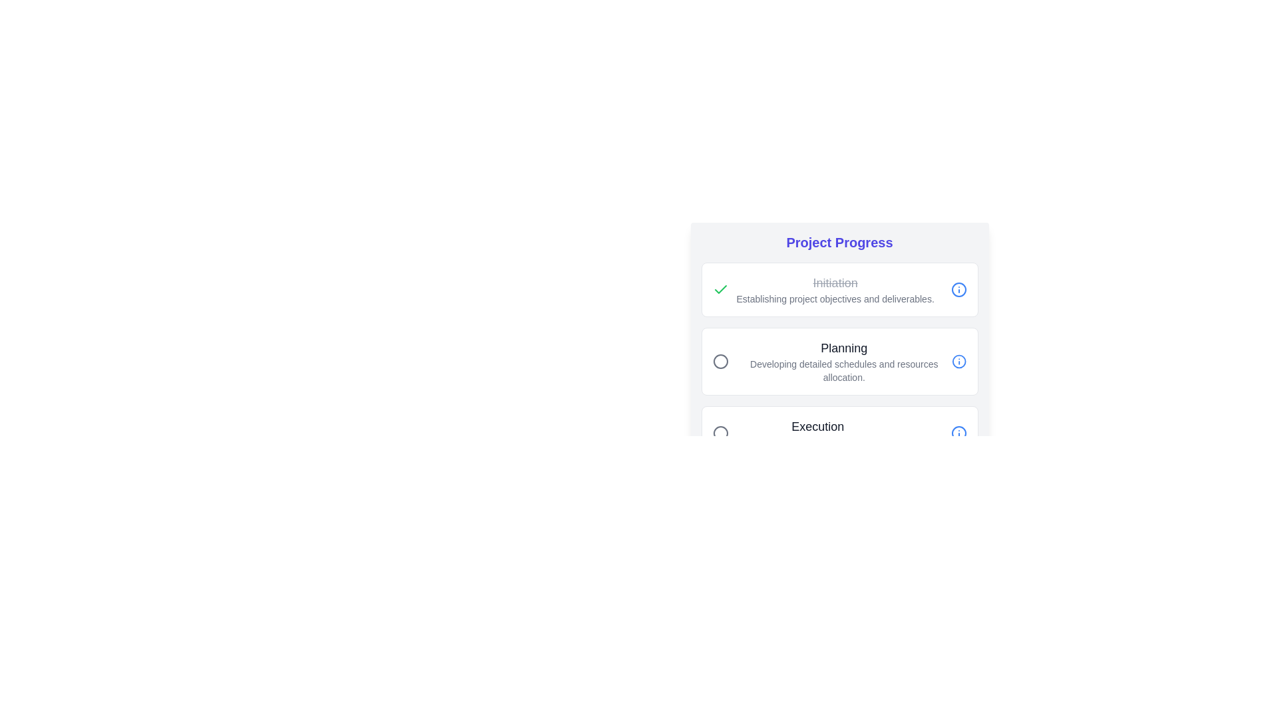 The height and width of the screenshot is (718, 1278). I want to click on the information icon for the Initiation phase to view its details, so click(958, 289).